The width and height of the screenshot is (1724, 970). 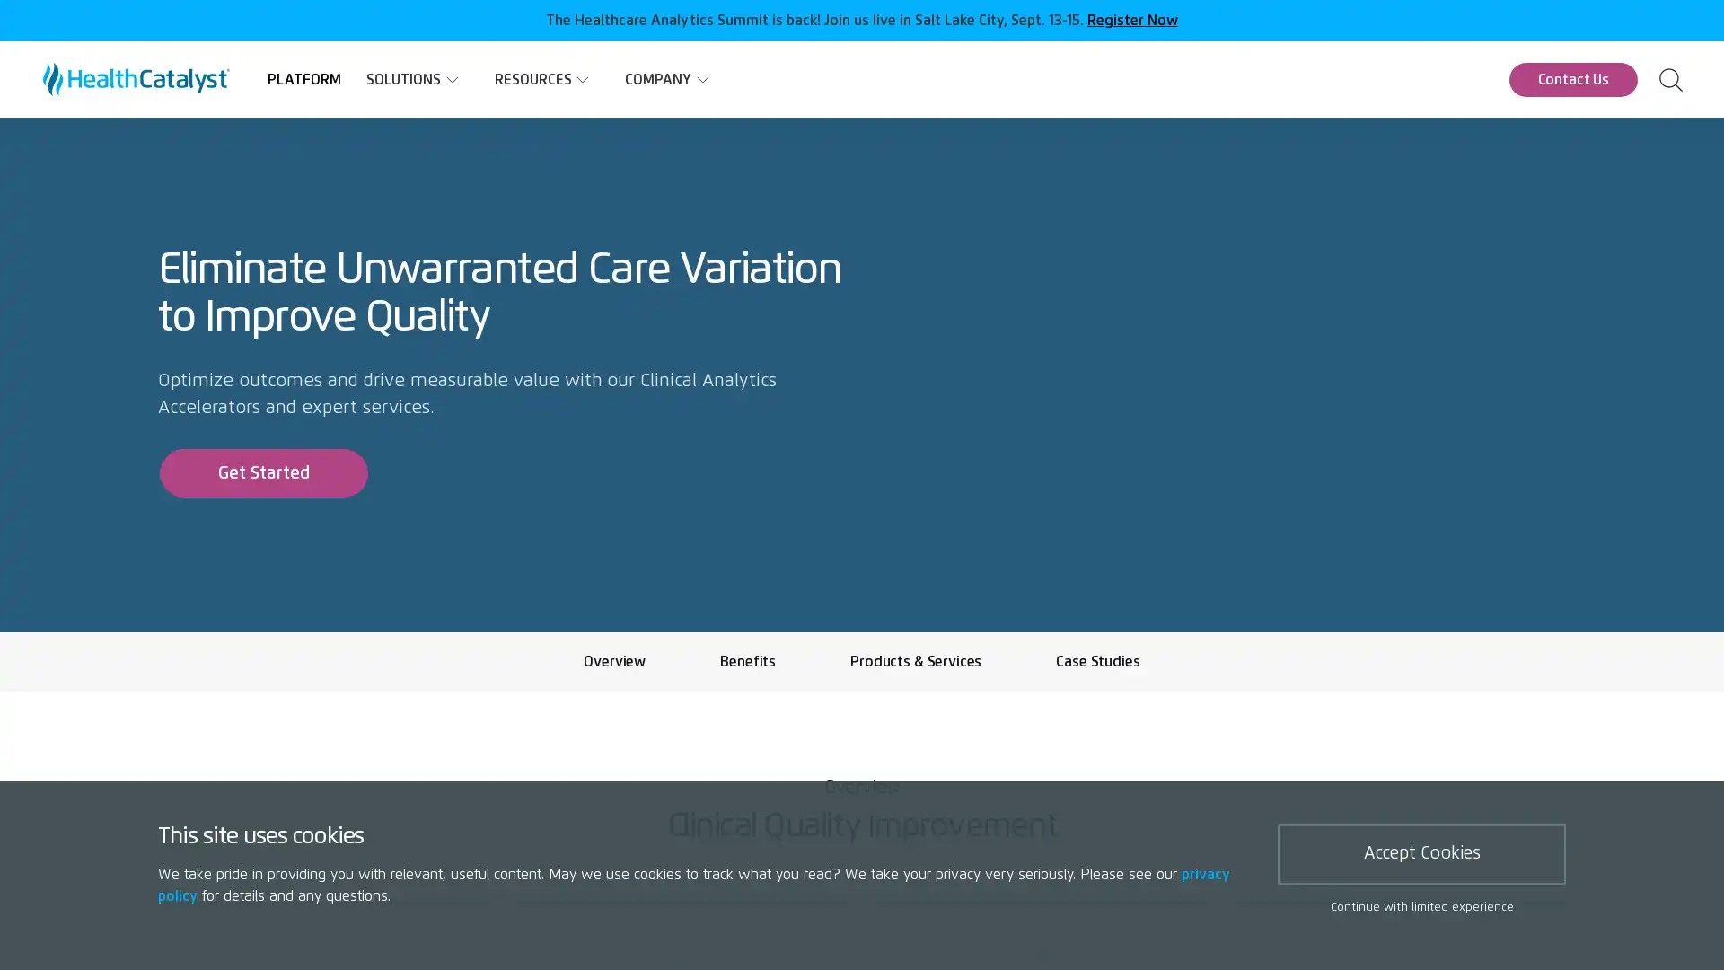 What do you see at coordinates (1421, 853) in the screenshot?
I see `Accept Cookies` at bounding box center [1421, 853].